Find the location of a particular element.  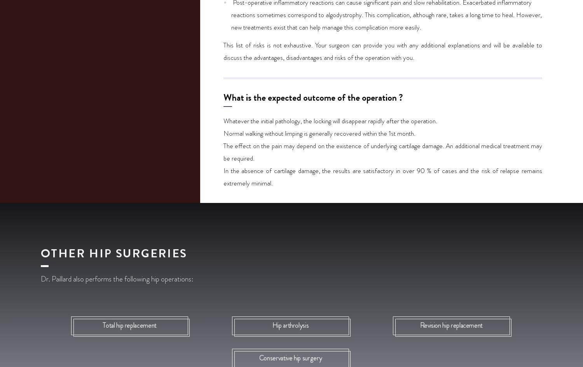

'Conservative hip surgery' is located at coordinates (259, 357).